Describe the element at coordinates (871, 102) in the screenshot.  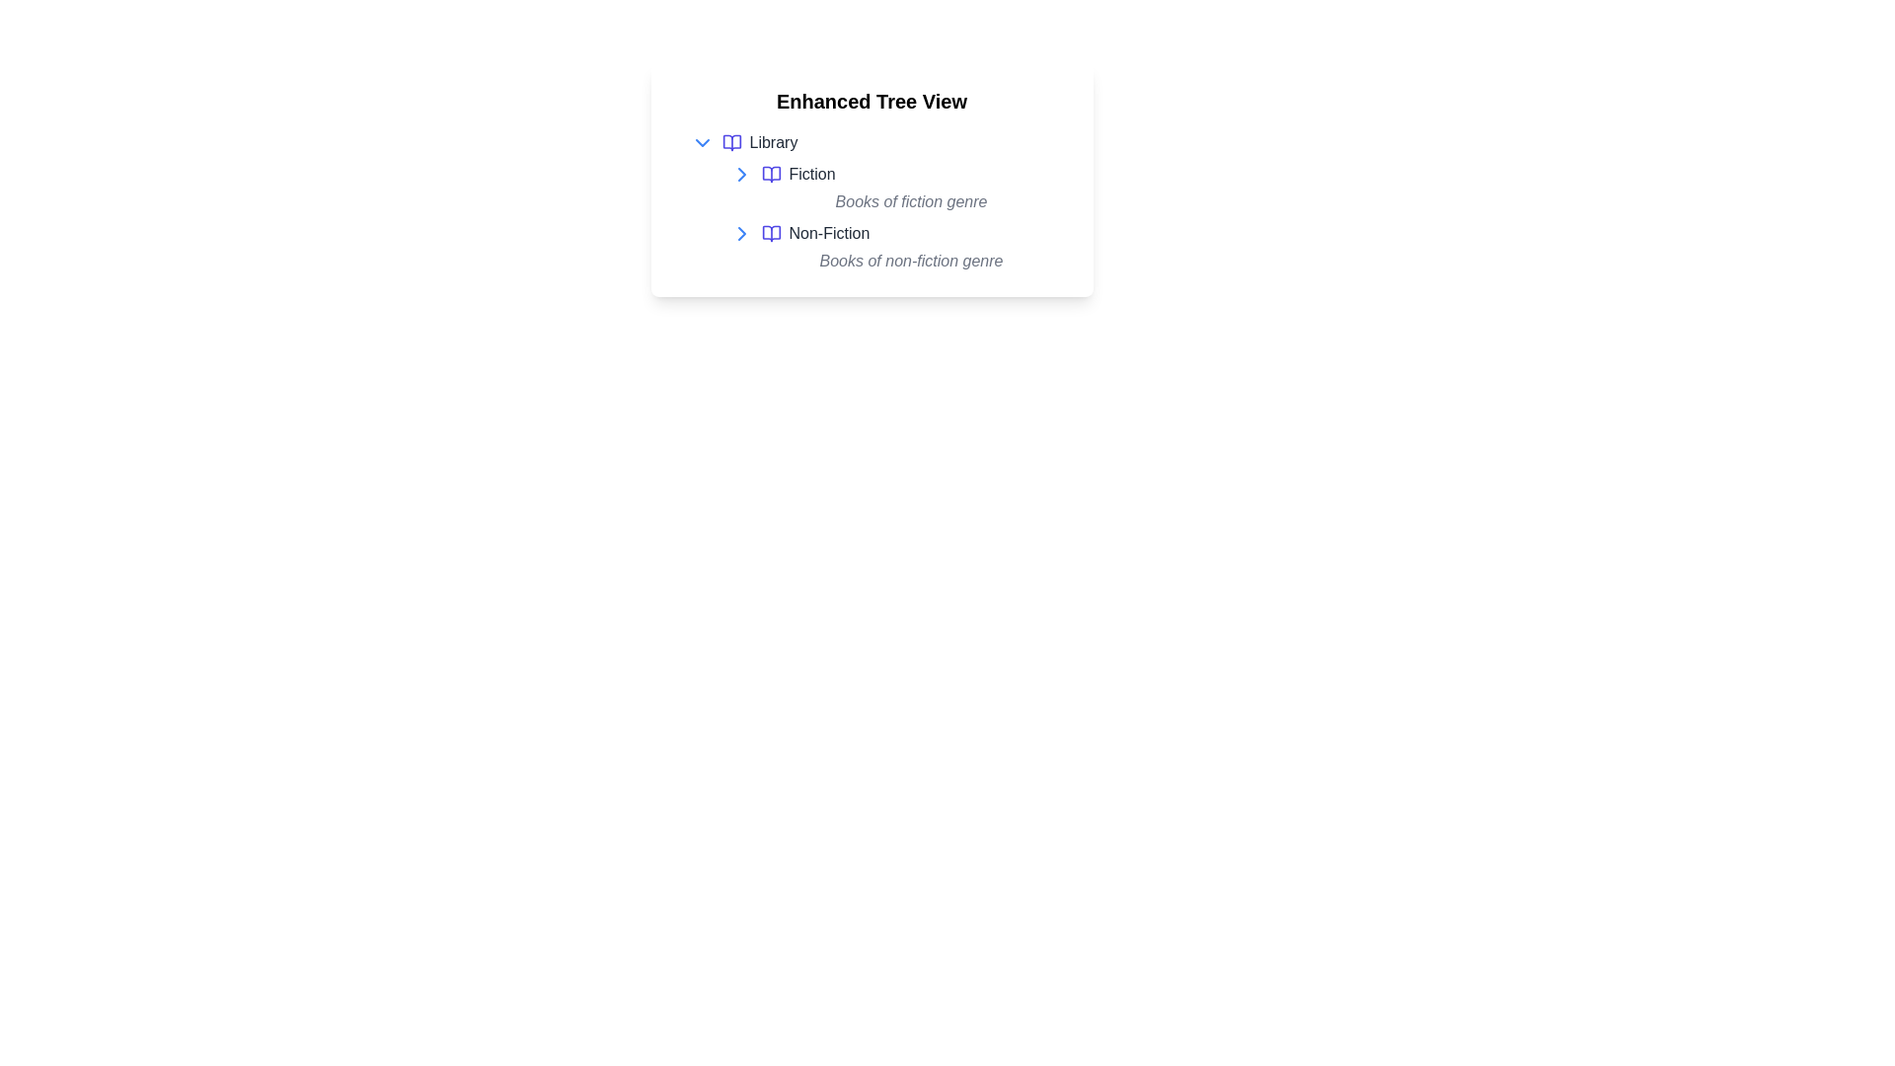
I see `the header text element indicating 'Enhanced Tree View' for reading` at that location.